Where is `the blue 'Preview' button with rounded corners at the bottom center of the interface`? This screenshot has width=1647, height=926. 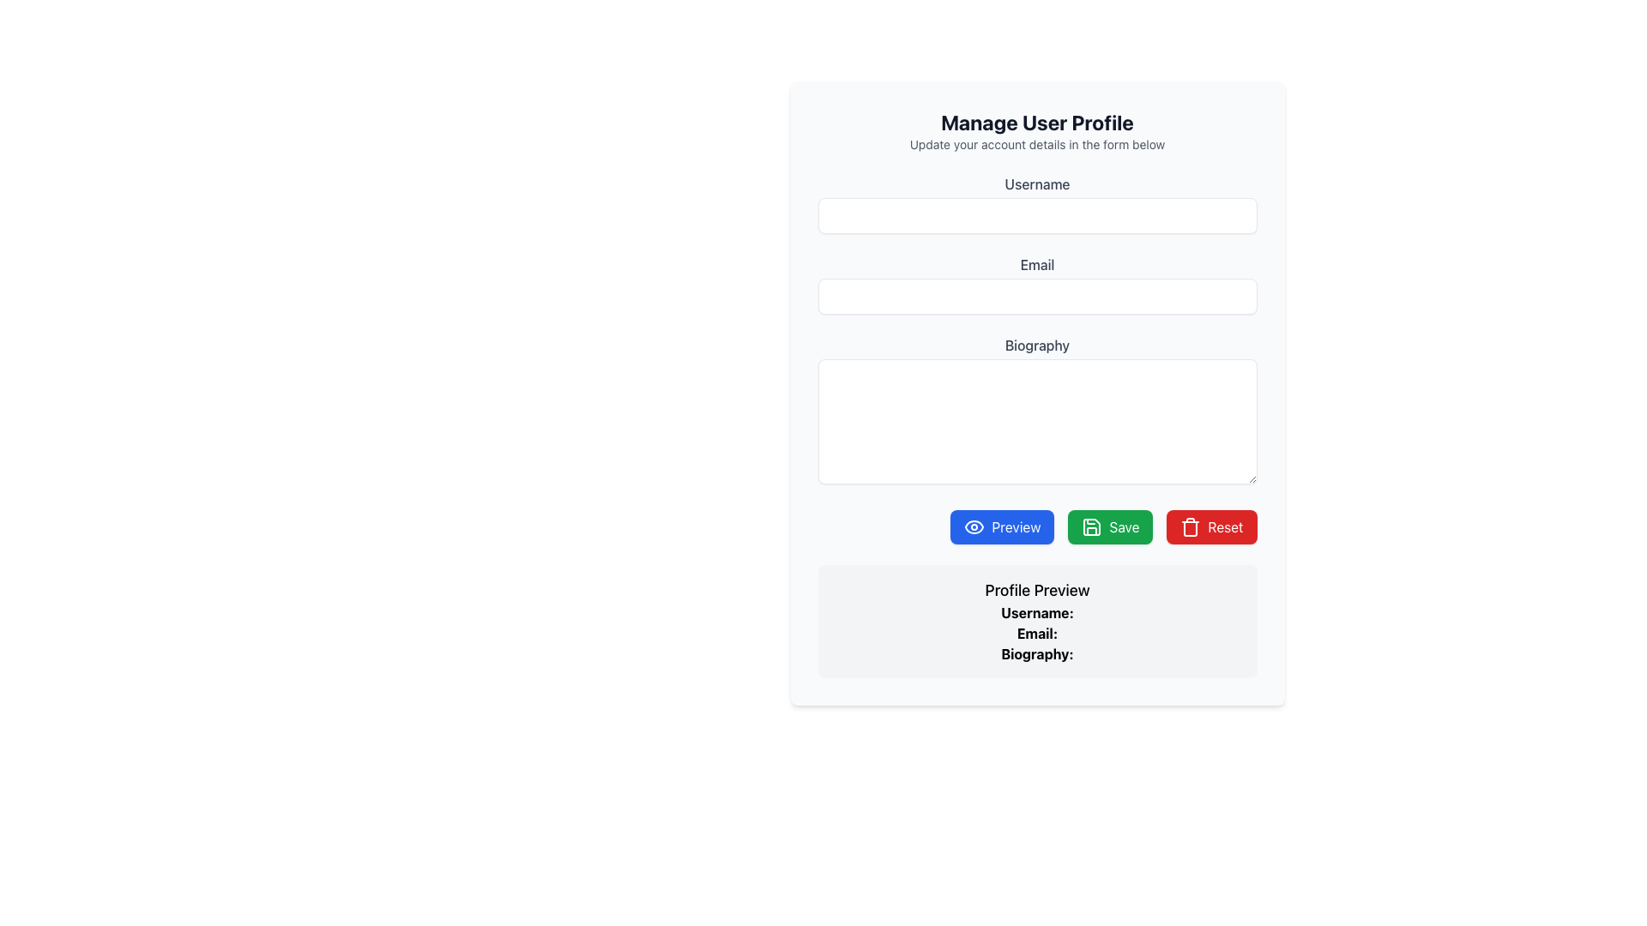
the blue 'Preview' button with rounded corners at the bottom center of the interface is located at coordinates (1002, 526).